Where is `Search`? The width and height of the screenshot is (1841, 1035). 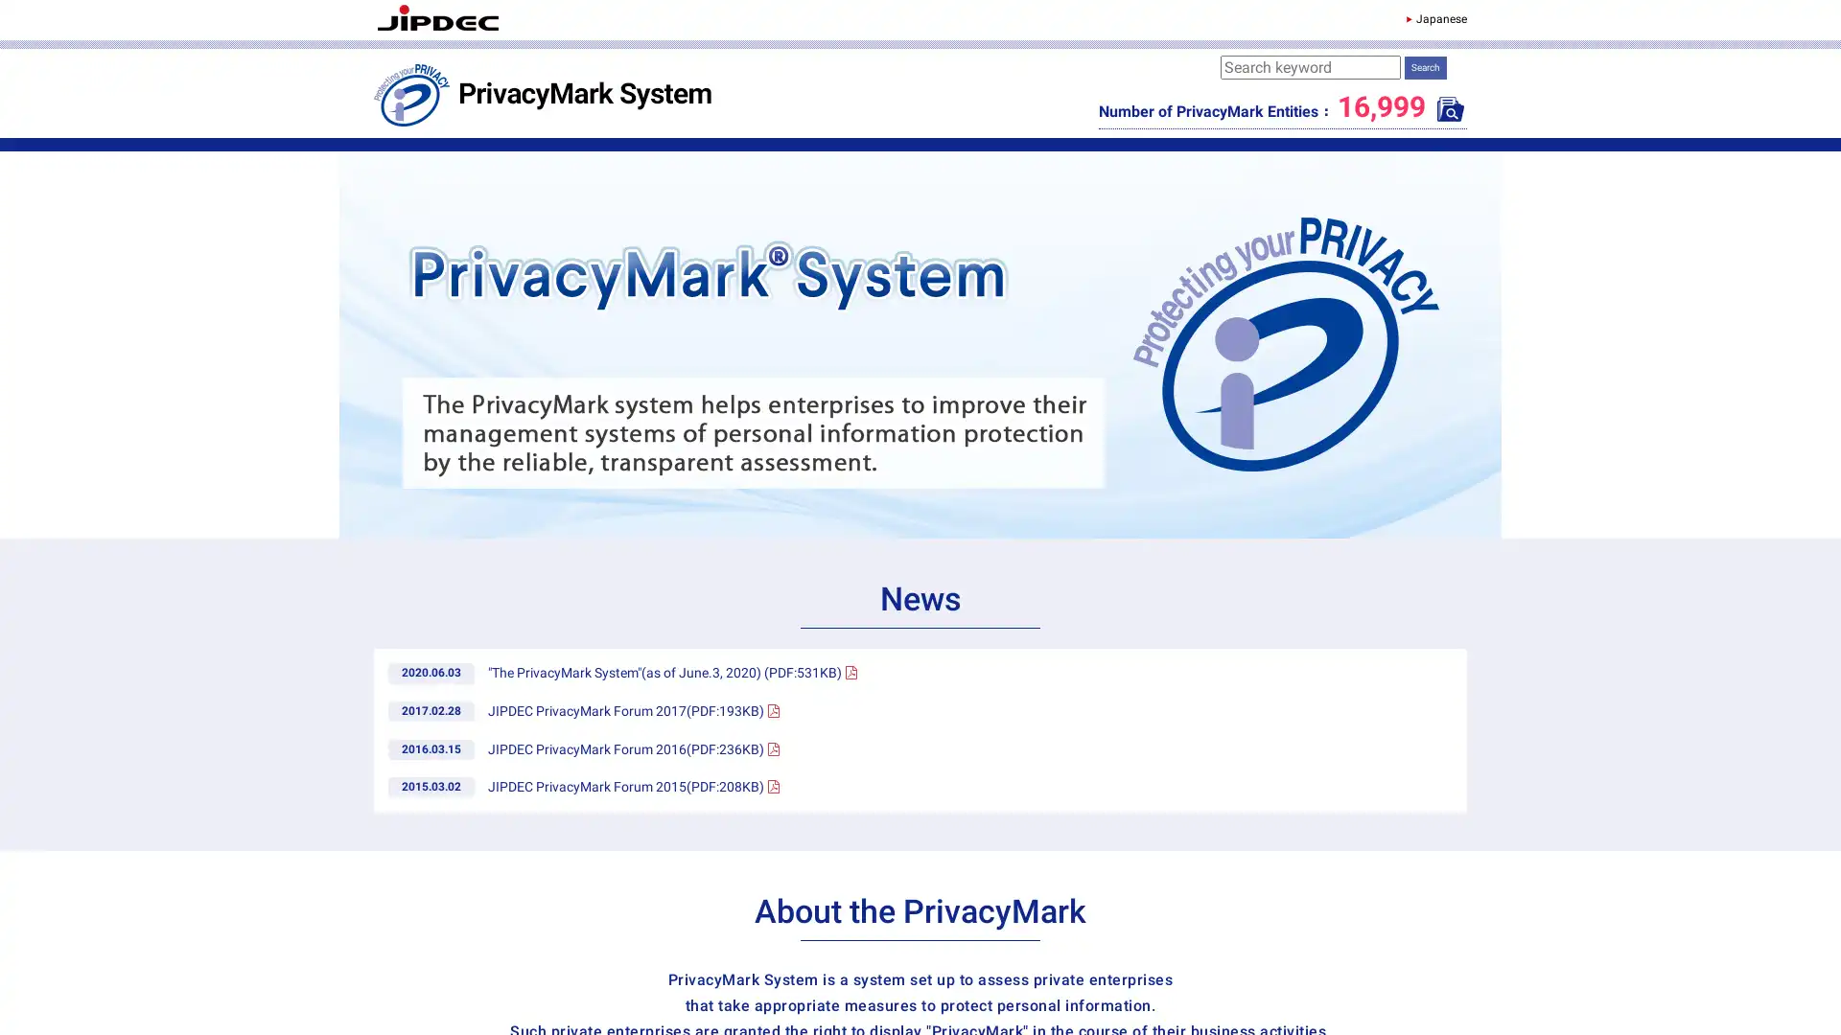 Search is located at coordinates (1426, 65).